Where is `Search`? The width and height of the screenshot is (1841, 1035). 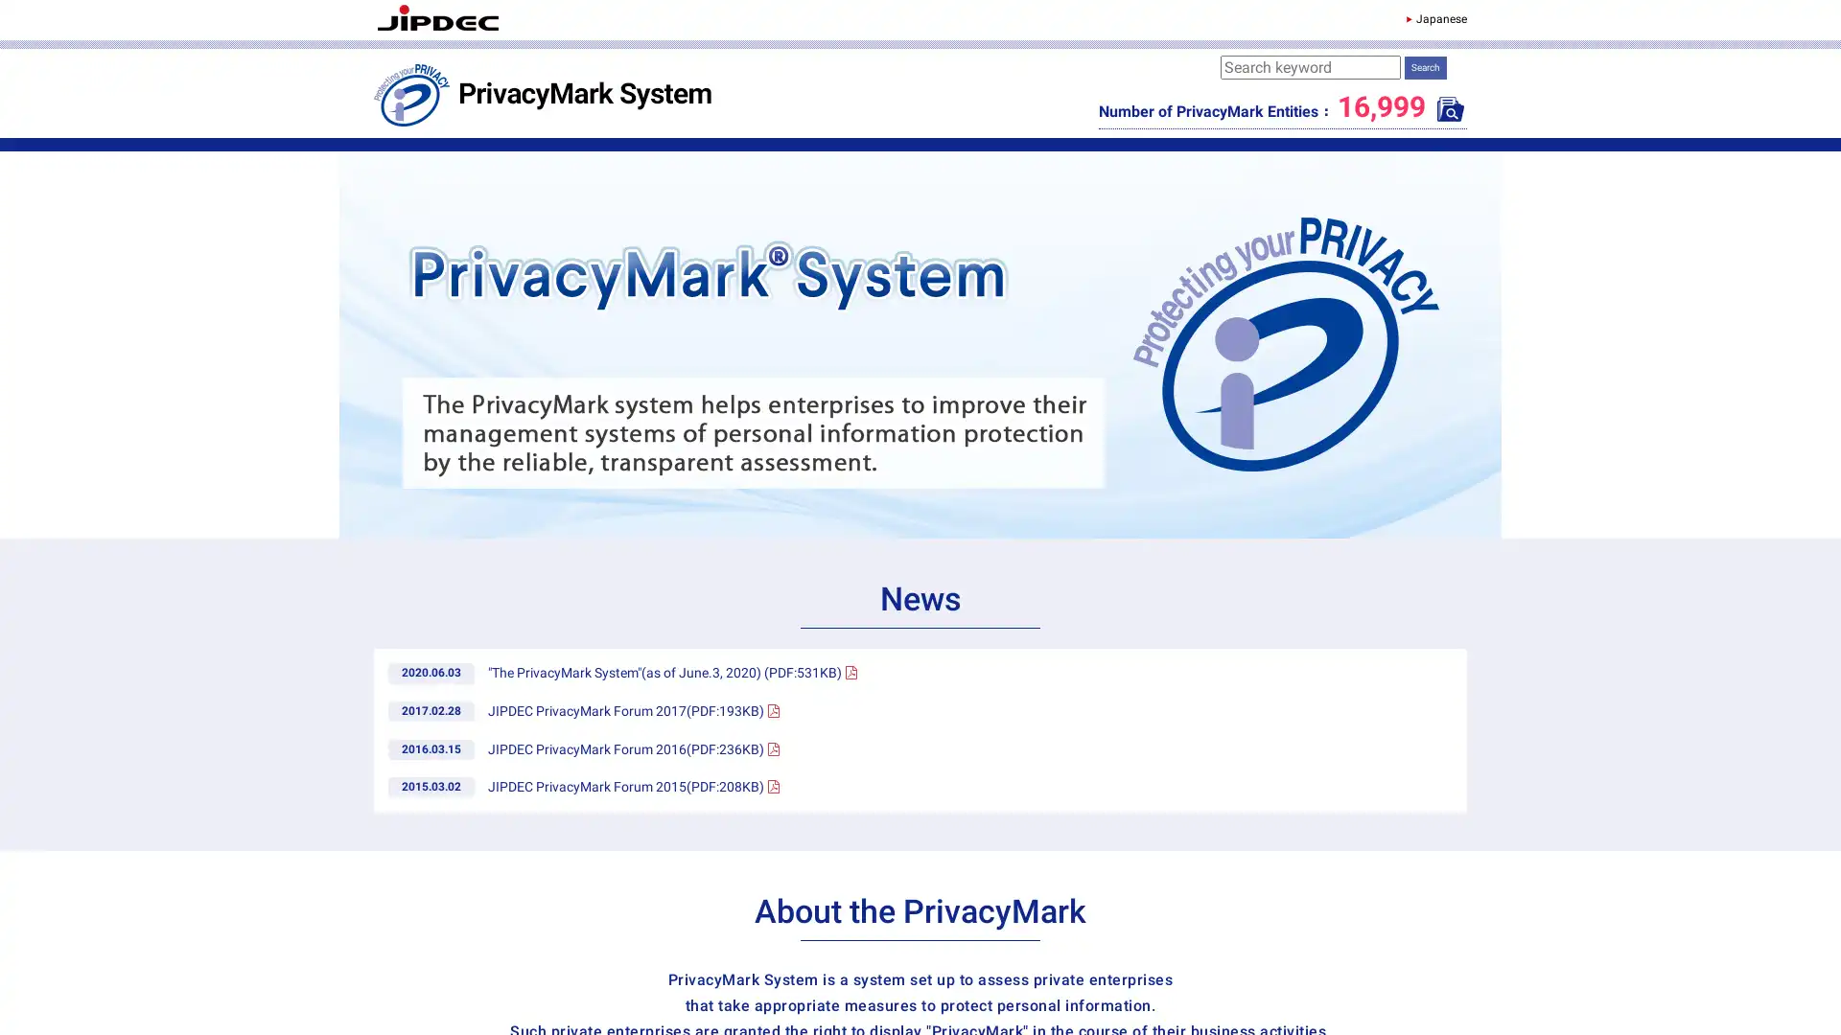 Search is located at coordinates (1426, 65).